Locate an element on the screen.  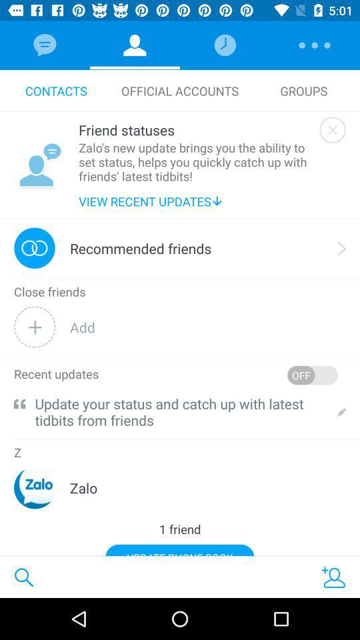
alert is located at coordinates (332, 130).